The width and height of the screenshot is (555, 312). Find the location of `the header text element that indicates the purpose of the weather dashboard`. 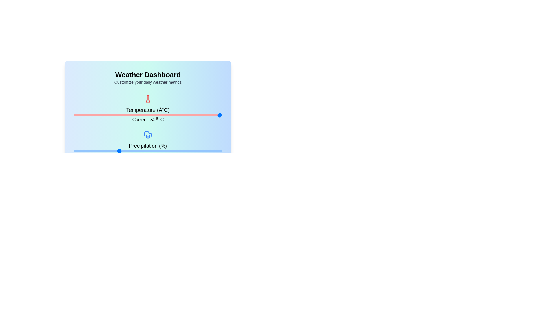

the header text element that indicates the purpose of the weather dashboard is located at coordinates (148, 74).